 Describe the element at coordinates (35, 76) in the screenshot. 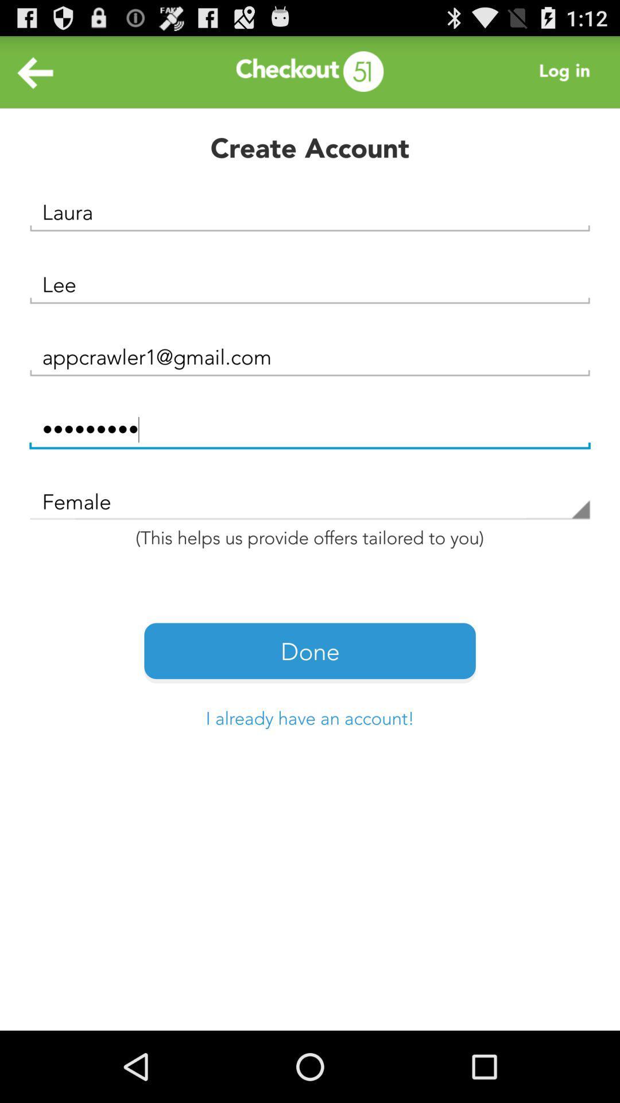

I see `the arrow_backward icon` at that location.